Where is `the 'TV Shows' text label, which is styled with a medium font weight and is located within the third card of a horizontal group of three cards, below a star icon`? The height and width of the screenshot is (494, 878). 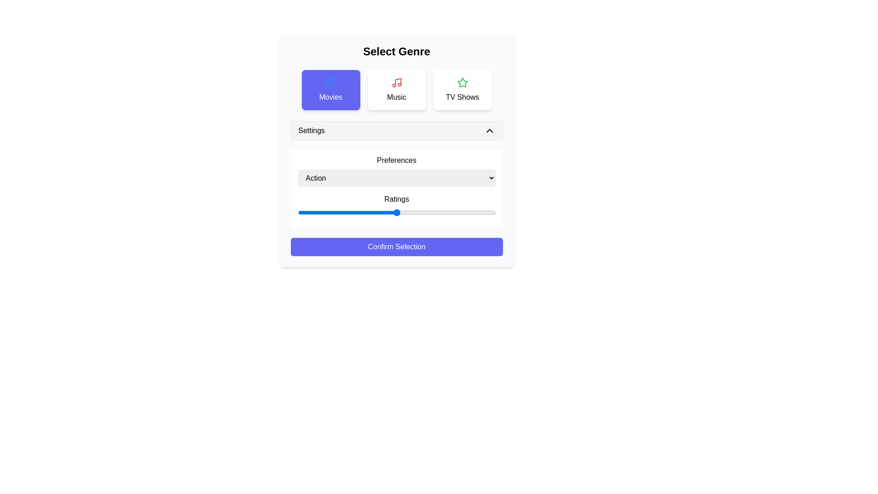
the 'TV Shows' text label, which is styled with a medium font weight and is located within the third card of a horizontal group of three cards, below a star icon is located at coordinates (462, 97).